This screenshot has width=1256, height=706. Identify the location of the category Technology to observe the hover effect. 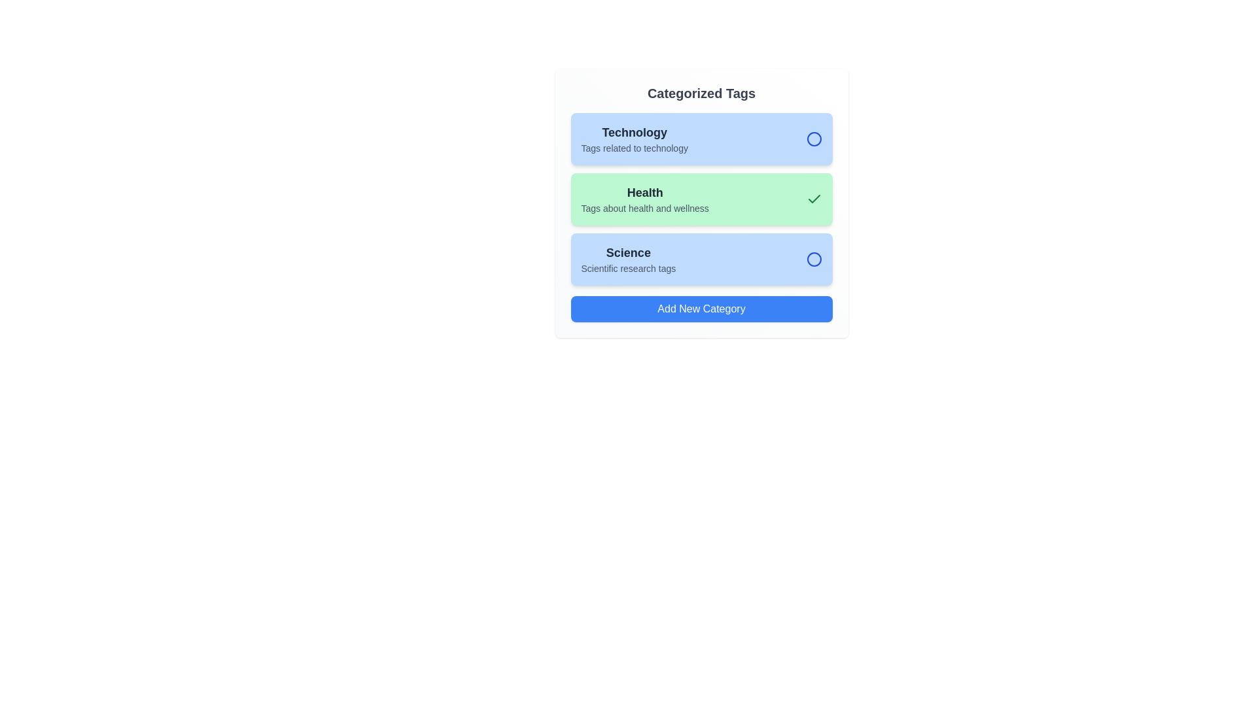
(701, 139).